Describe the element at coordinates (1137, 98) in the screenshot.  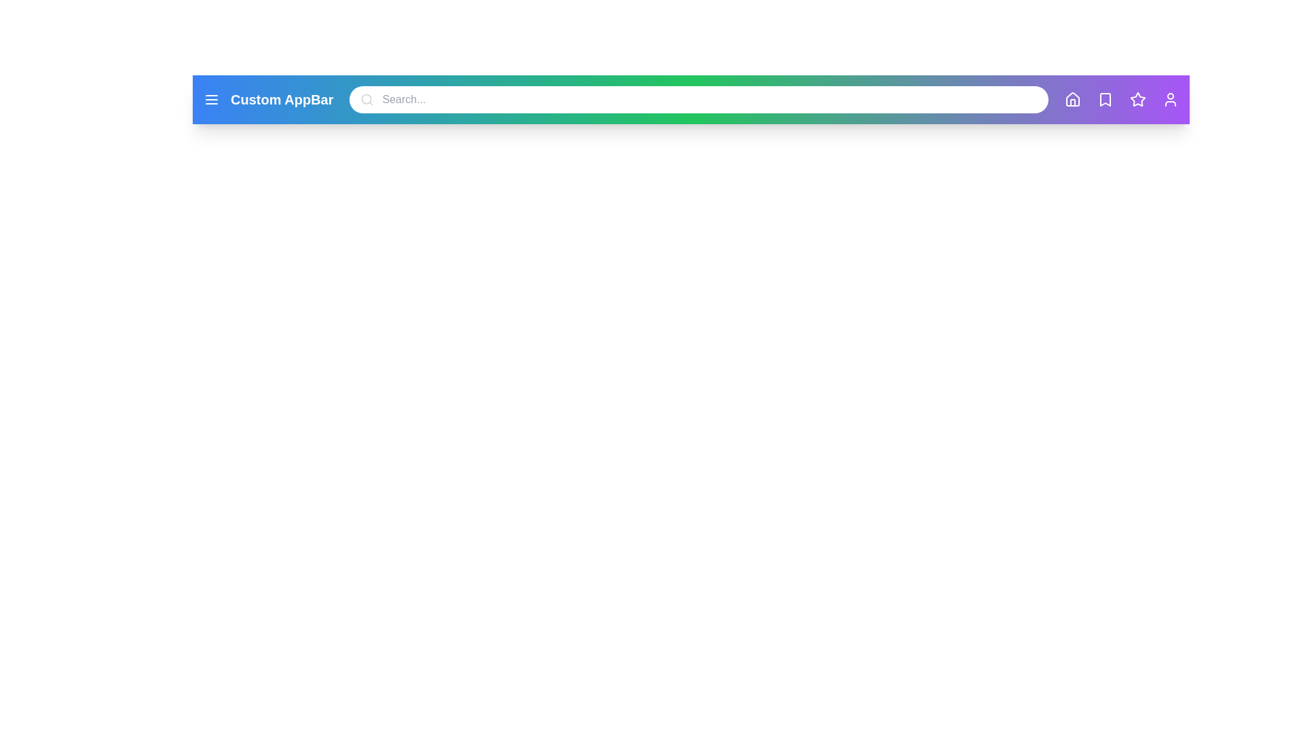
I see `the 'Star' icon to view favorite items` at that location.